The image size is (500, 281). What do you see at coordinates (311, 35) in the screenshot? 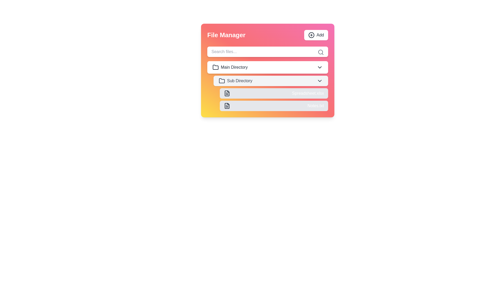
I see `the circular icon located in the top-right corner of the 'File Manager' interface, which is adjacent to the 'Add' text` at bounding box center [311, 35].